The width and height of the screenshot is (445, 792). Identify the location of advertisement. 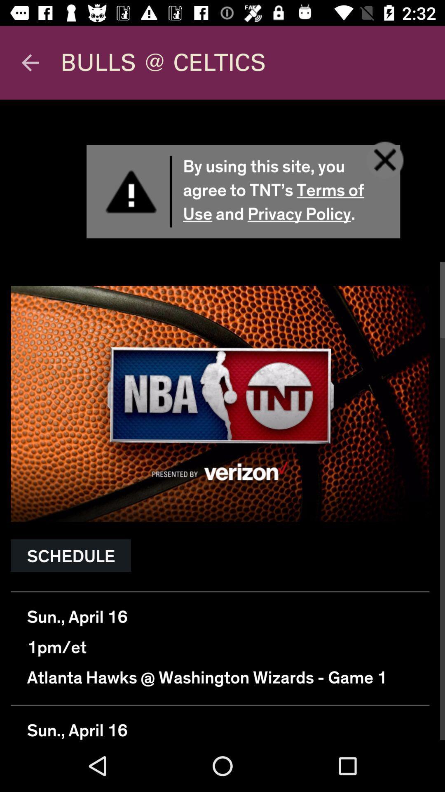
(222, 420).